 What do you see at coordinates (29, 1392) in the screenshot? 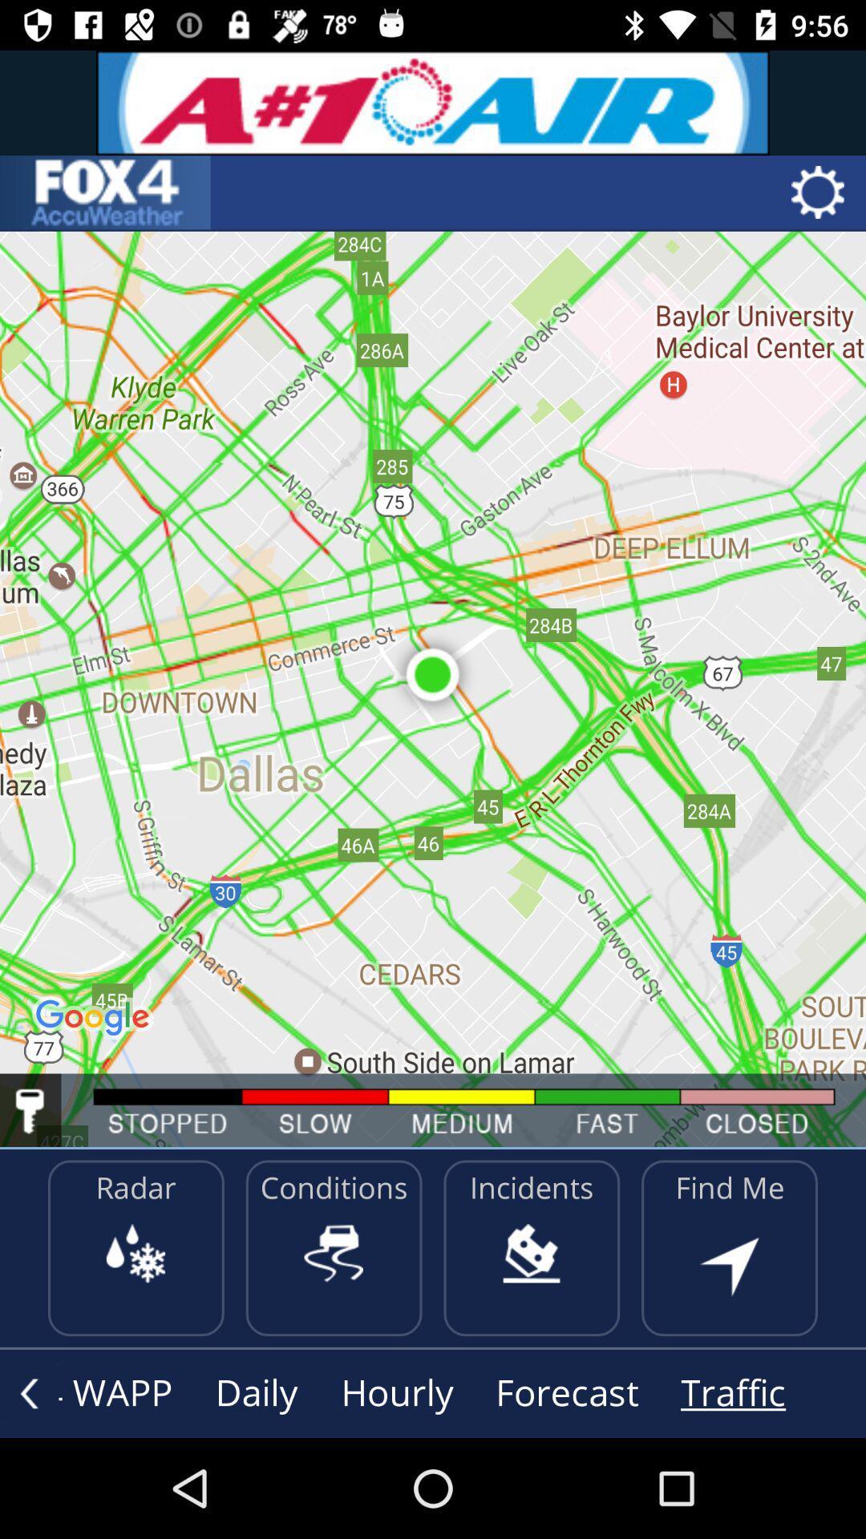
I see `previous page` at bounding box center [29, 1392].